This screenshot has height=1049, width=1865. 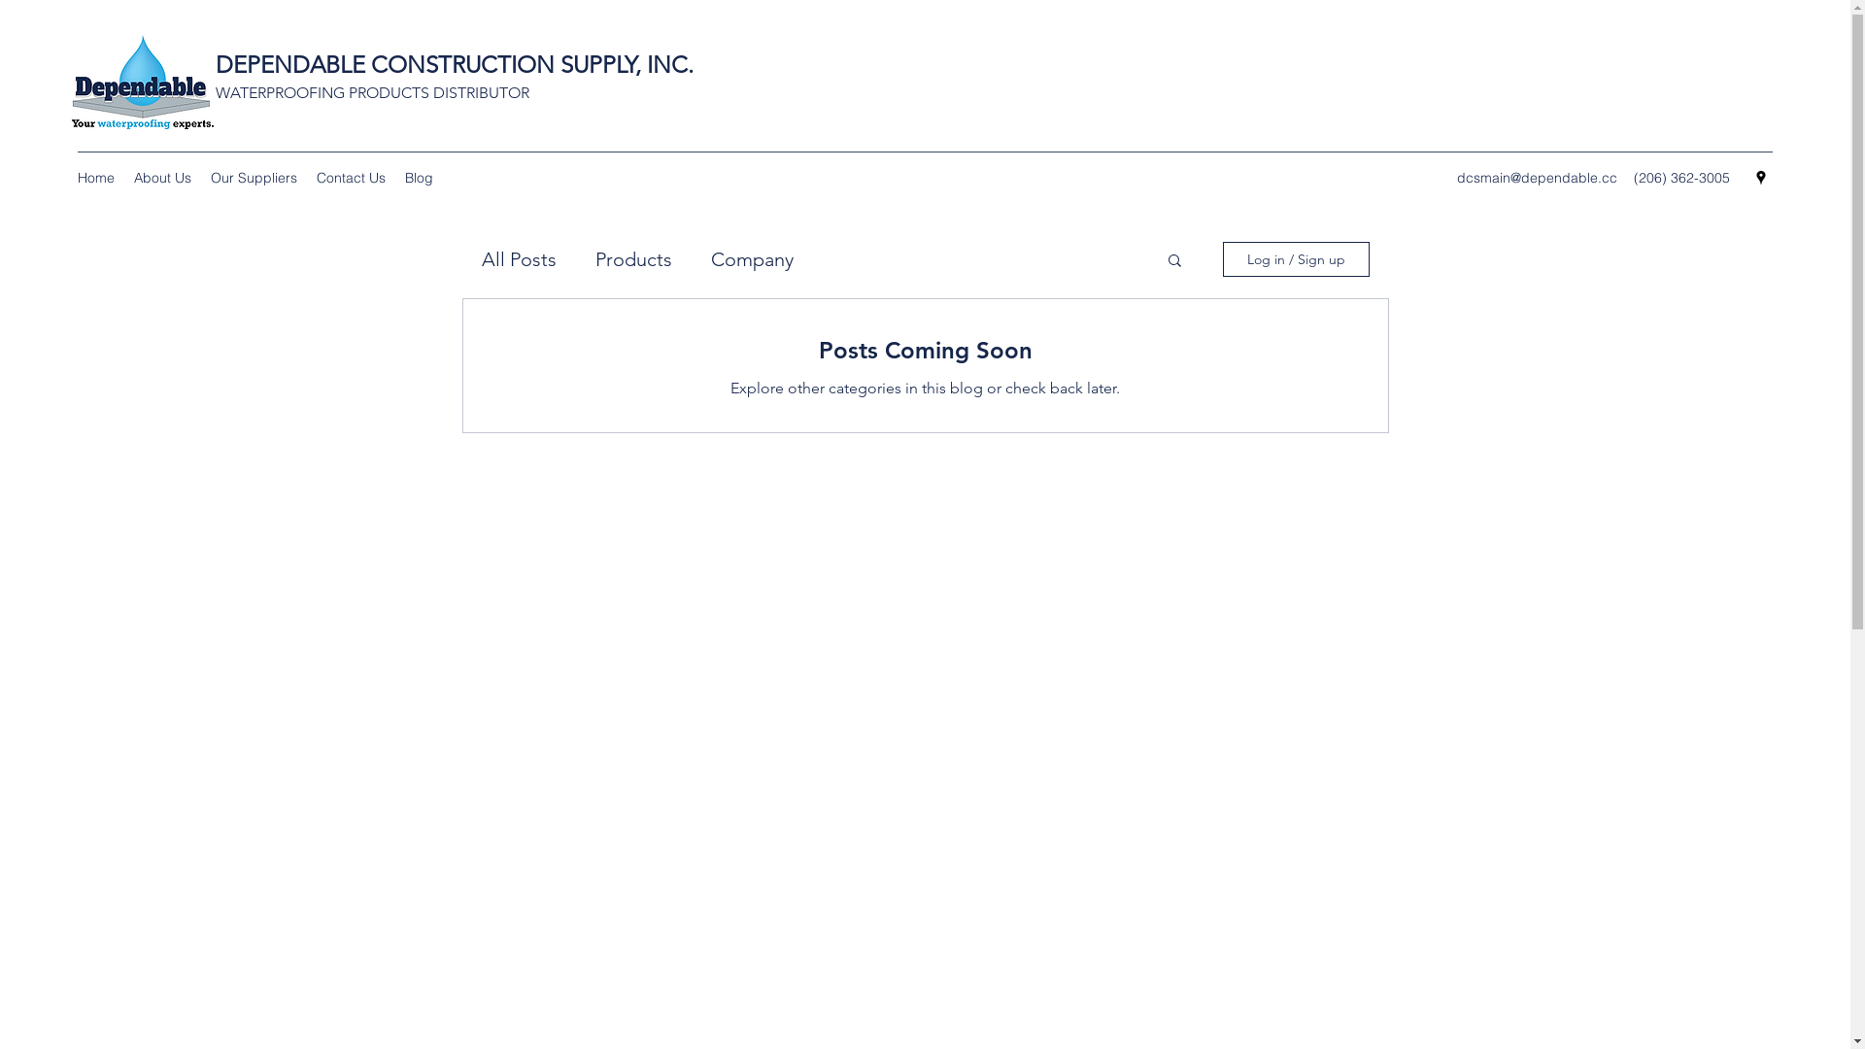 I want to click on 'Our Suppliers', so click(x=200, y=177).